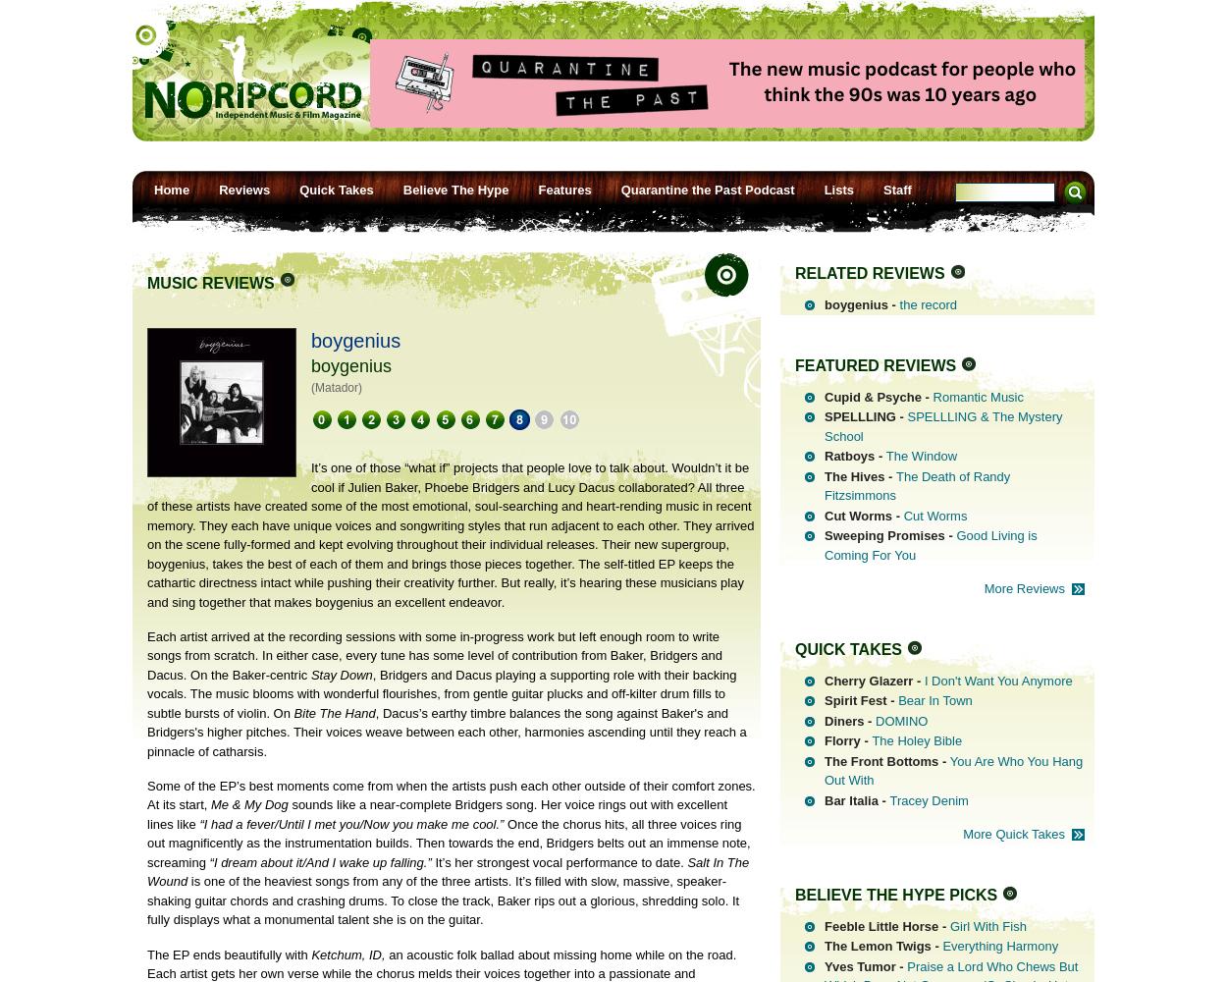  Describe the element at coordinates (340, 674) in the screenshot. I see `'Stay Down'` at that location.